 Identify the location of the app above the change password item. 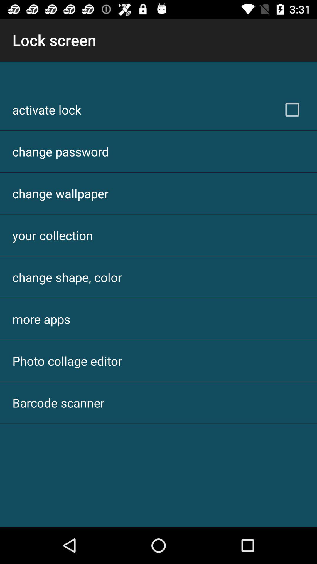
(46, 110).